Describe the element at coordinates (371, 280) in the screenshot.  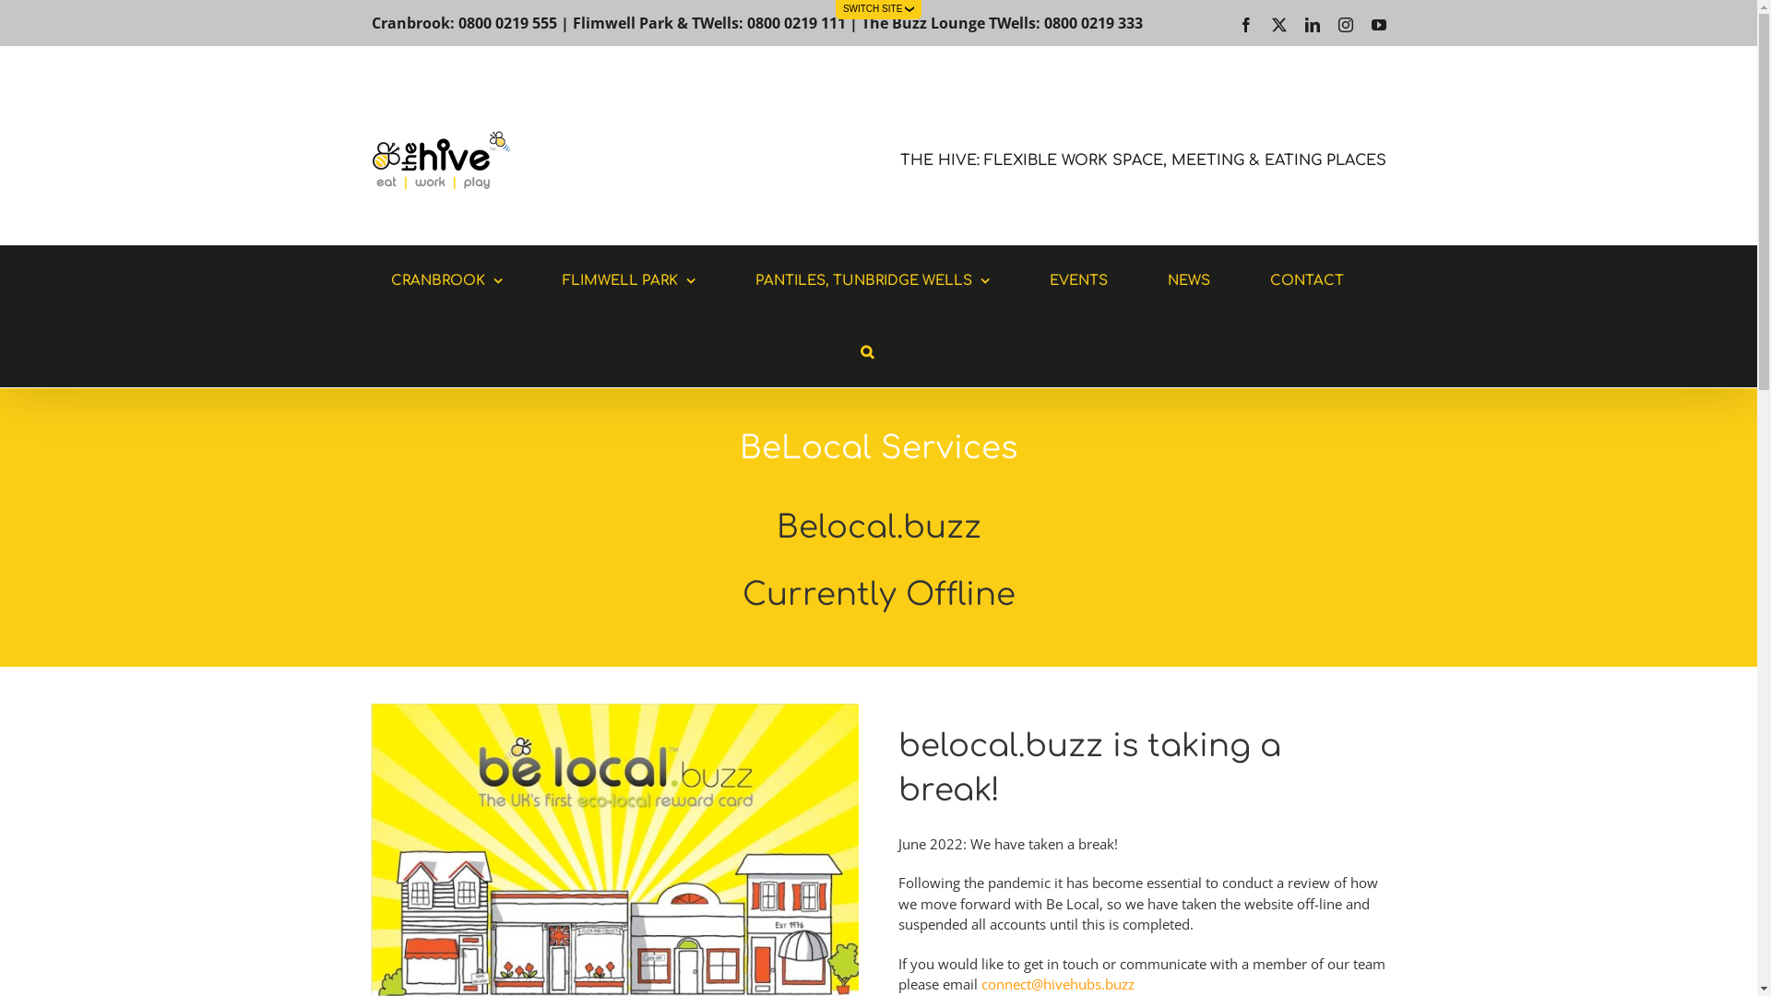
I see `'CRANBROOK'` at that location.